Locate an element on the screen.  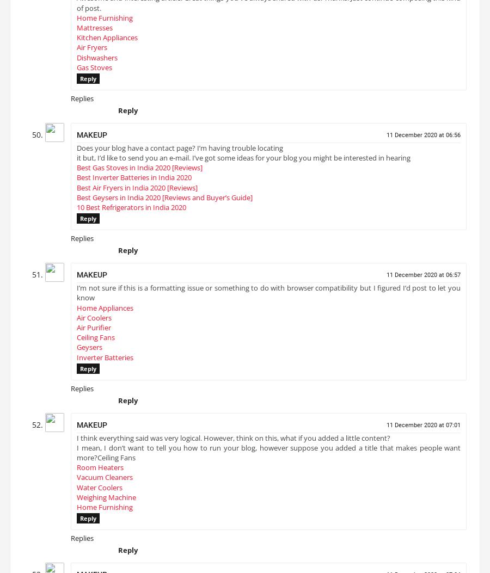
'Air Coolers' is located at coordinates (94, 322).